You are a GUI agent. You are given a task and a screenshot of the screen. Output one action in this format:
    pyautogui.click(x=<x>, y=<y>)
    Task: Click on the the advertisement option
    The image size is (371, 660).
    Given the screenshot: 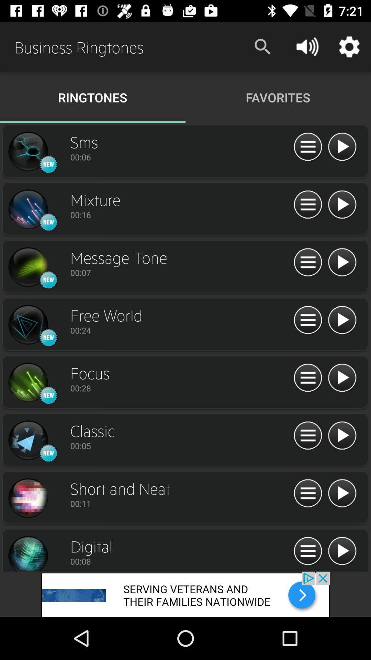 What is the action you would take?
    pyautogui.click(x=307, y=436)
    